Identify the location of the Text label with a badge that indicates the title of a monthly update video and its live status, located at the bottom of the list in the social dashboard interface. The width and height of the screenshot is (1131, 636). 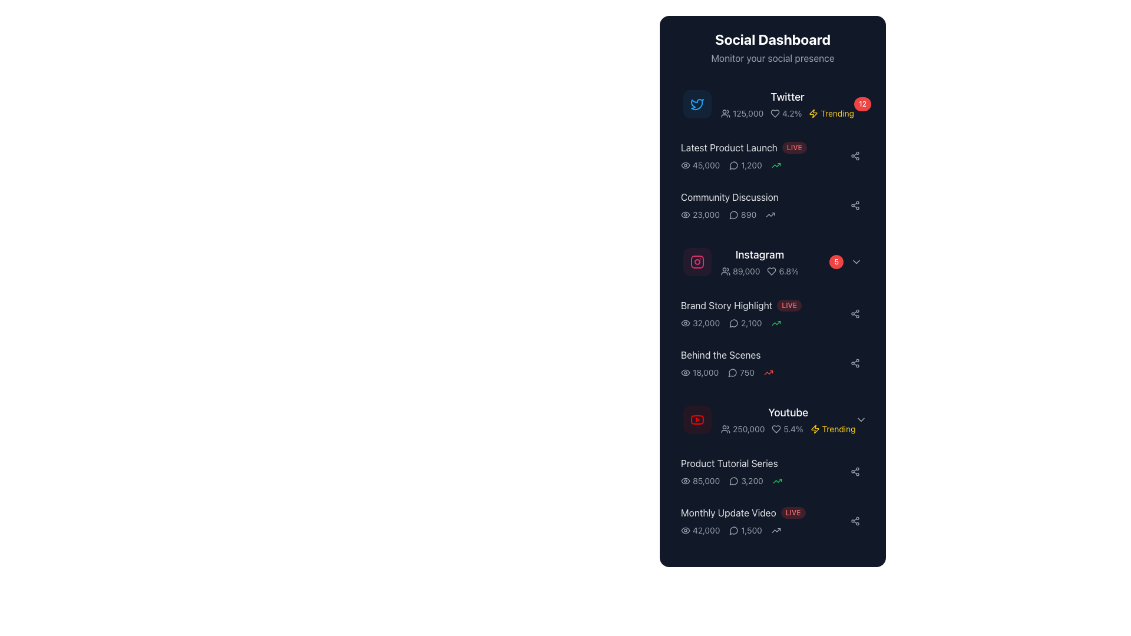
(763, 512).